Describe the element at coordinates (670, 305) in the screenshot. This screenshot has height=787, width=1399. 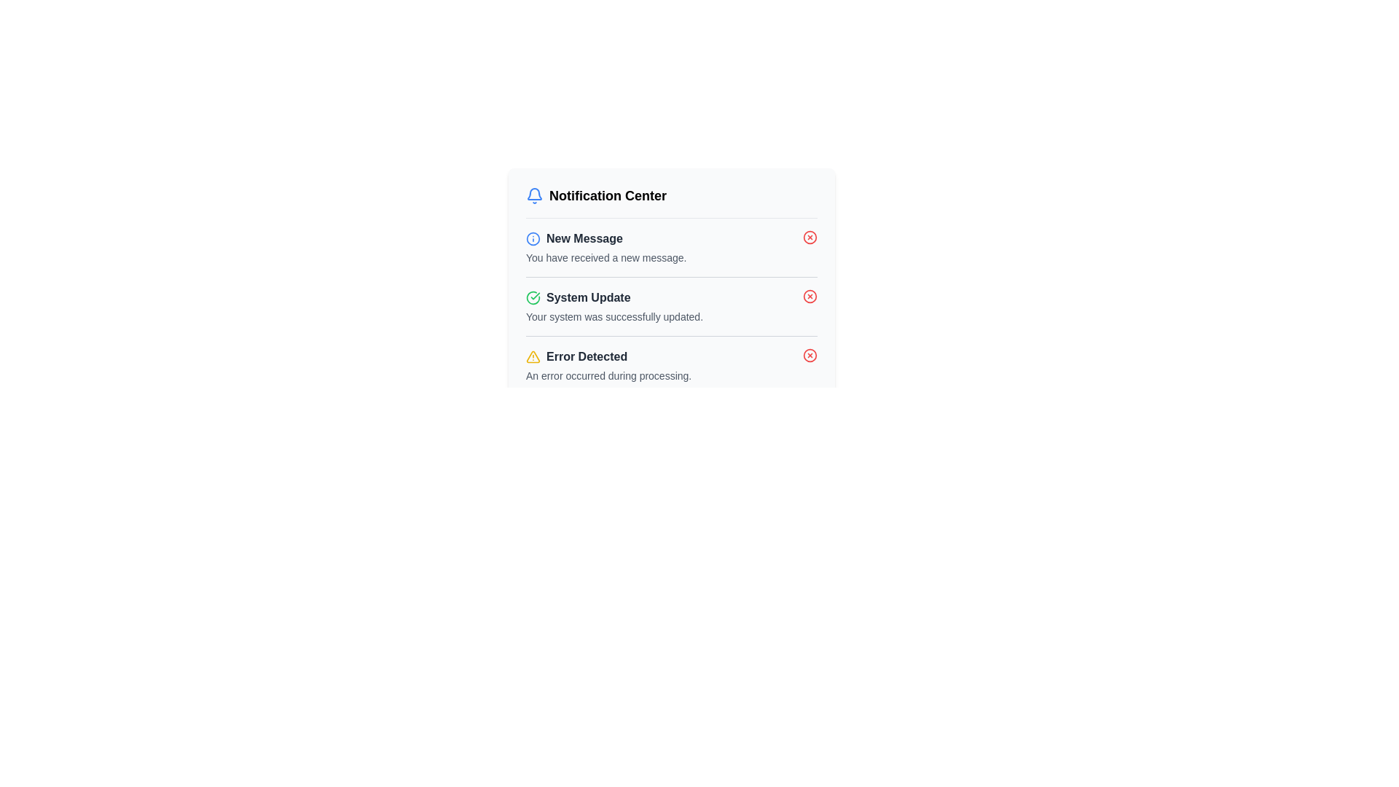
I see `notification text of the second notification item in the Notification Center, which contains the title 'System Update' and the description 'Your system was successfully updated.'` at that location.